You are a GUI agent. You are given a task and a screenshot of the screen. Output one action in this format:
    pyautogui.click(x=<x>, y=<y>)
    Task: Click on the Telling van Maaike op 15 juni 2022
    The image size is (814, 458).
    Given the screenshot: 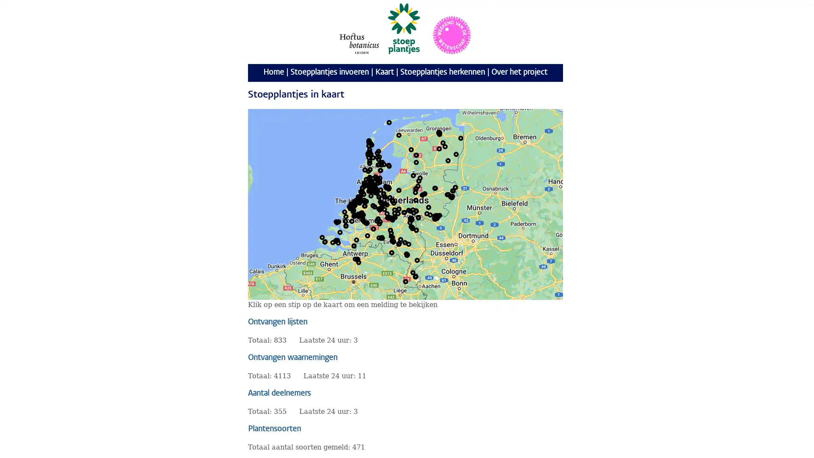 What is the action you would take?
    pyautogui.click(x=392, y=200)
    